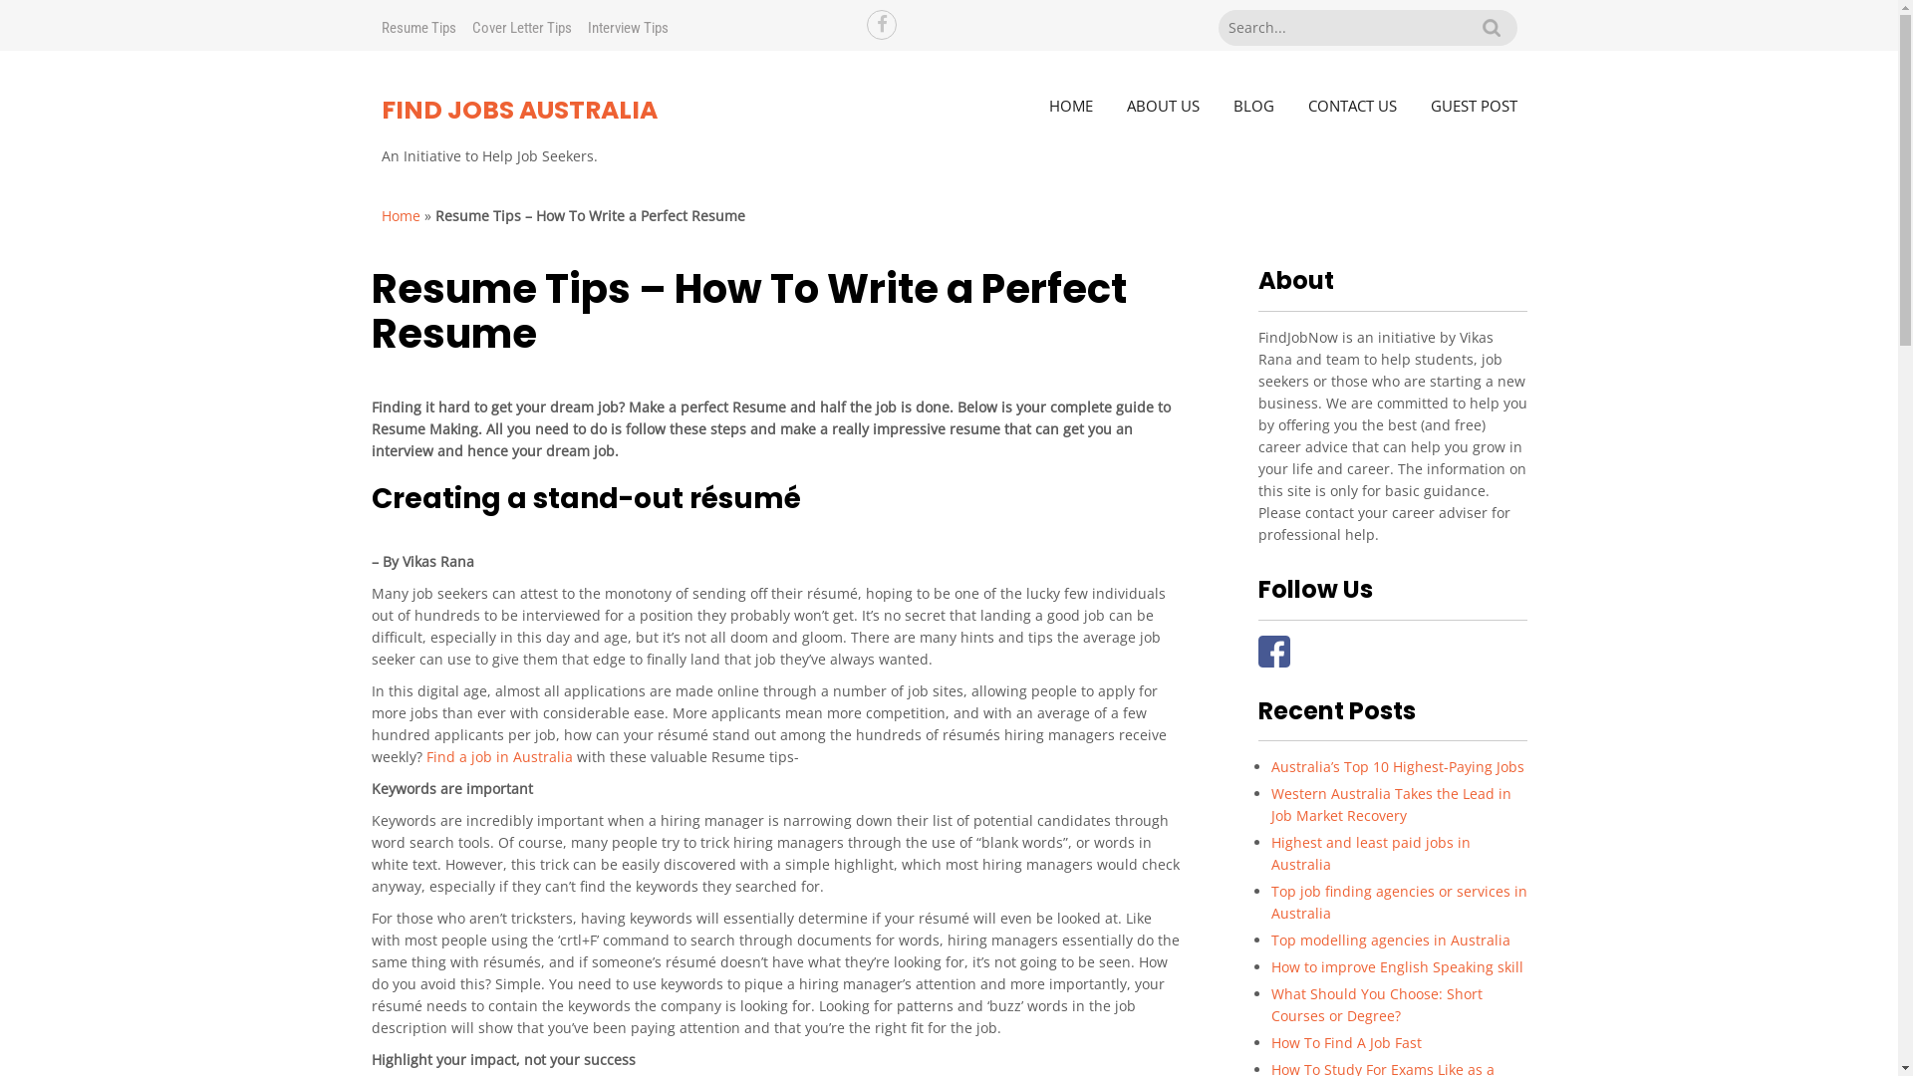 The width and height of the screenshot is (1913, 1076). Describe the element at coordinates (627, 27) in the screenshot. I see `'Interview Tips'` at that location.